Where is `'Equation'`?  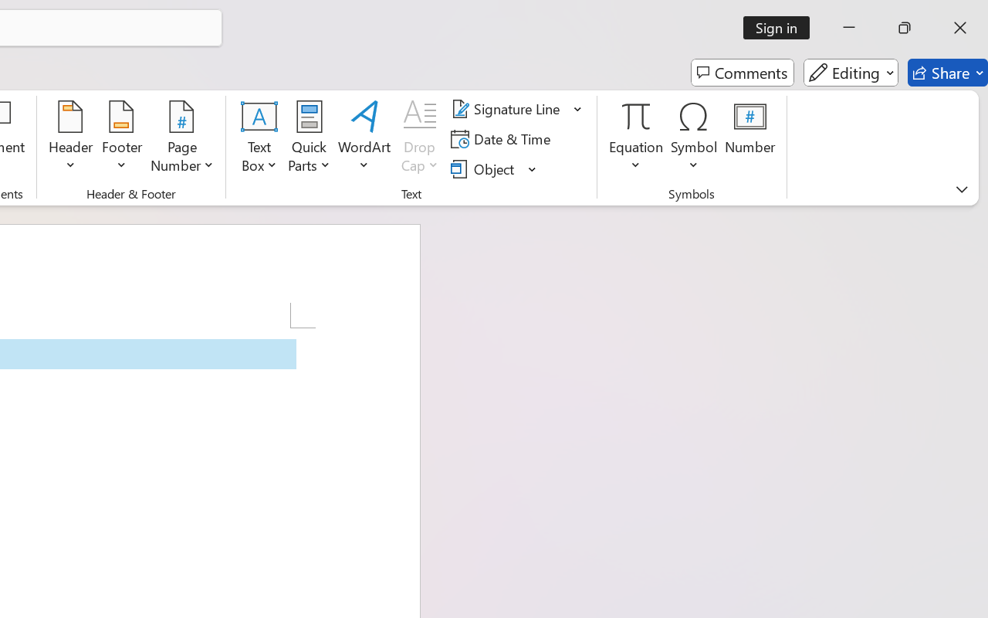
'Equation' is located at coordinates (636, 116).